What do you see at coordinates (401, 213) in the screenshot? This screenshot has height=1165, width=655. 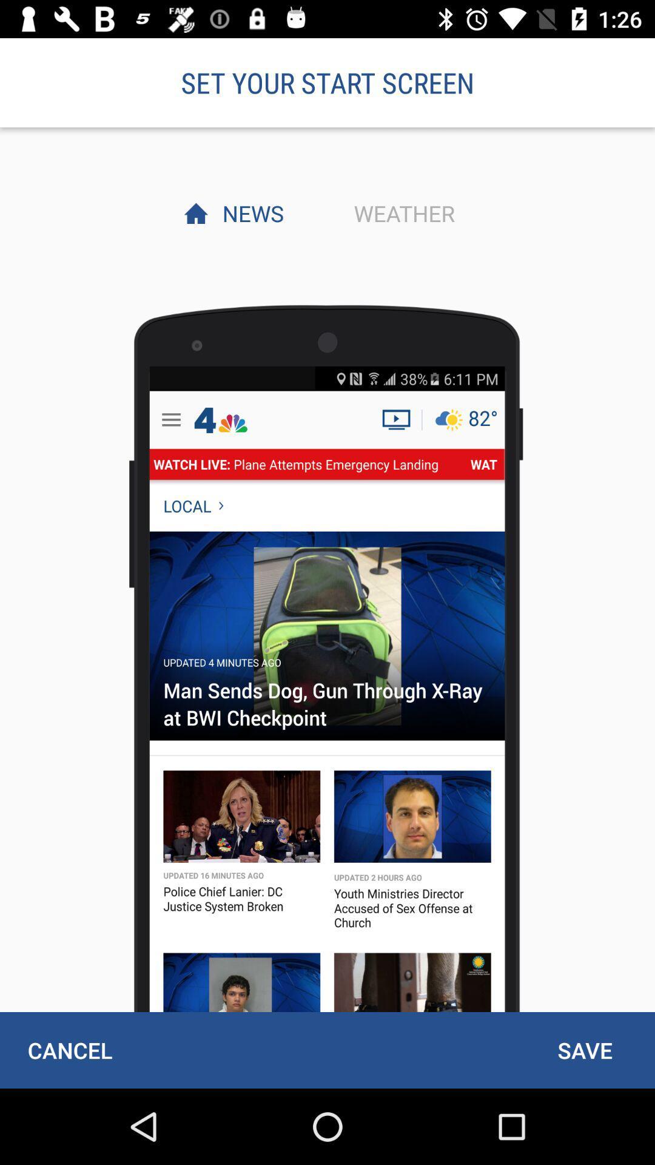 I see `the icon below the set your start` at bounding box center [401, 213].